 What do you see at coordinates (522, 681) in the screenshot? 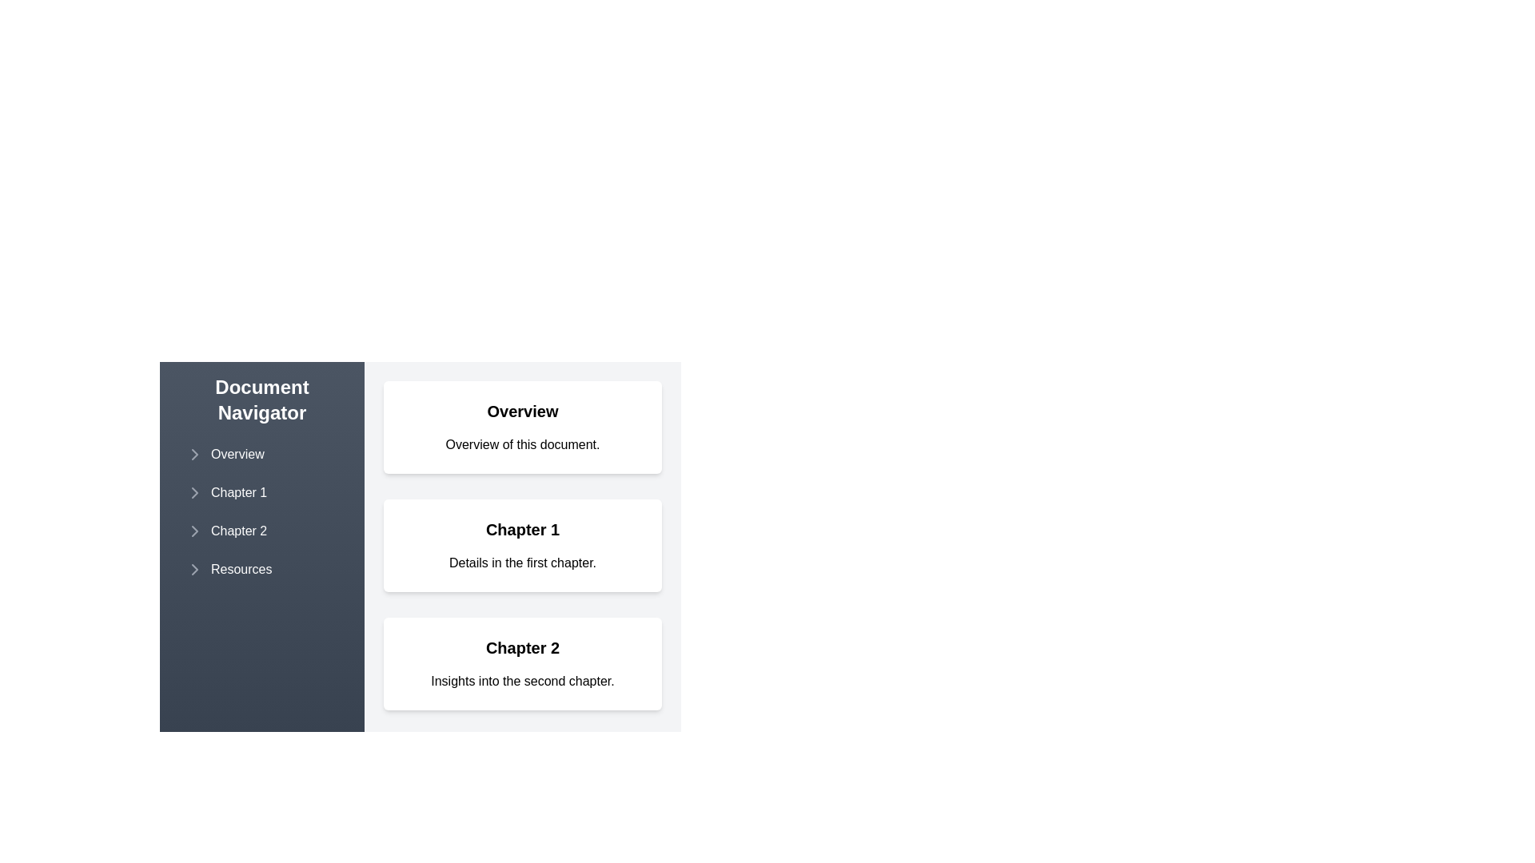
I see `the text label that reads 'Insights into the second chapter.' located within the card labeled 'Chapter 2.'` at bounding box center [522, 681].